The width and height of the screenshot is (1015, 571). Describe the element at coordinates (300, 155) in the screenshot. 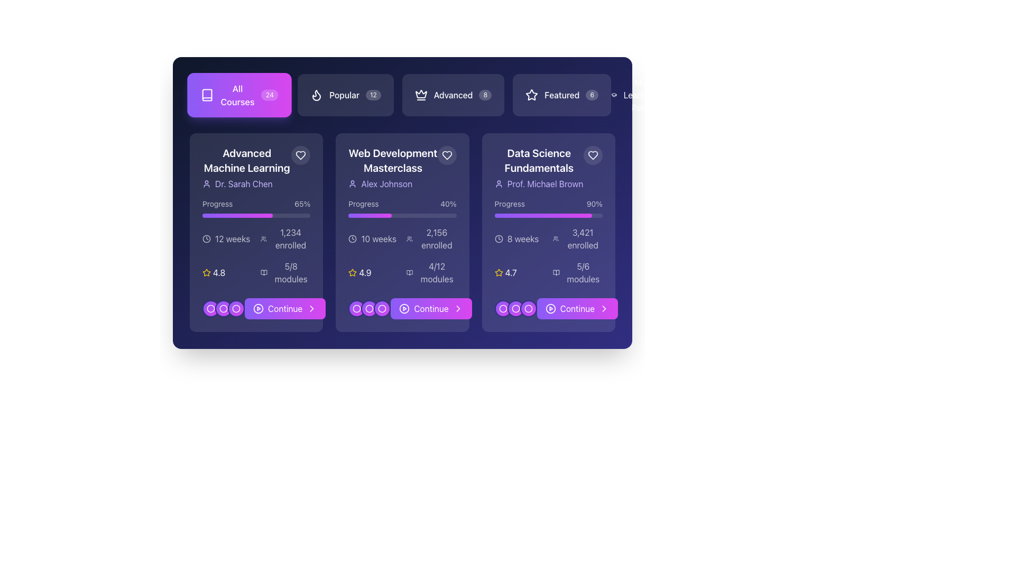

I see `the button located in the top-right corner of the 'Advanced Machine Learning' course card to mark it as a favorite` at that location.